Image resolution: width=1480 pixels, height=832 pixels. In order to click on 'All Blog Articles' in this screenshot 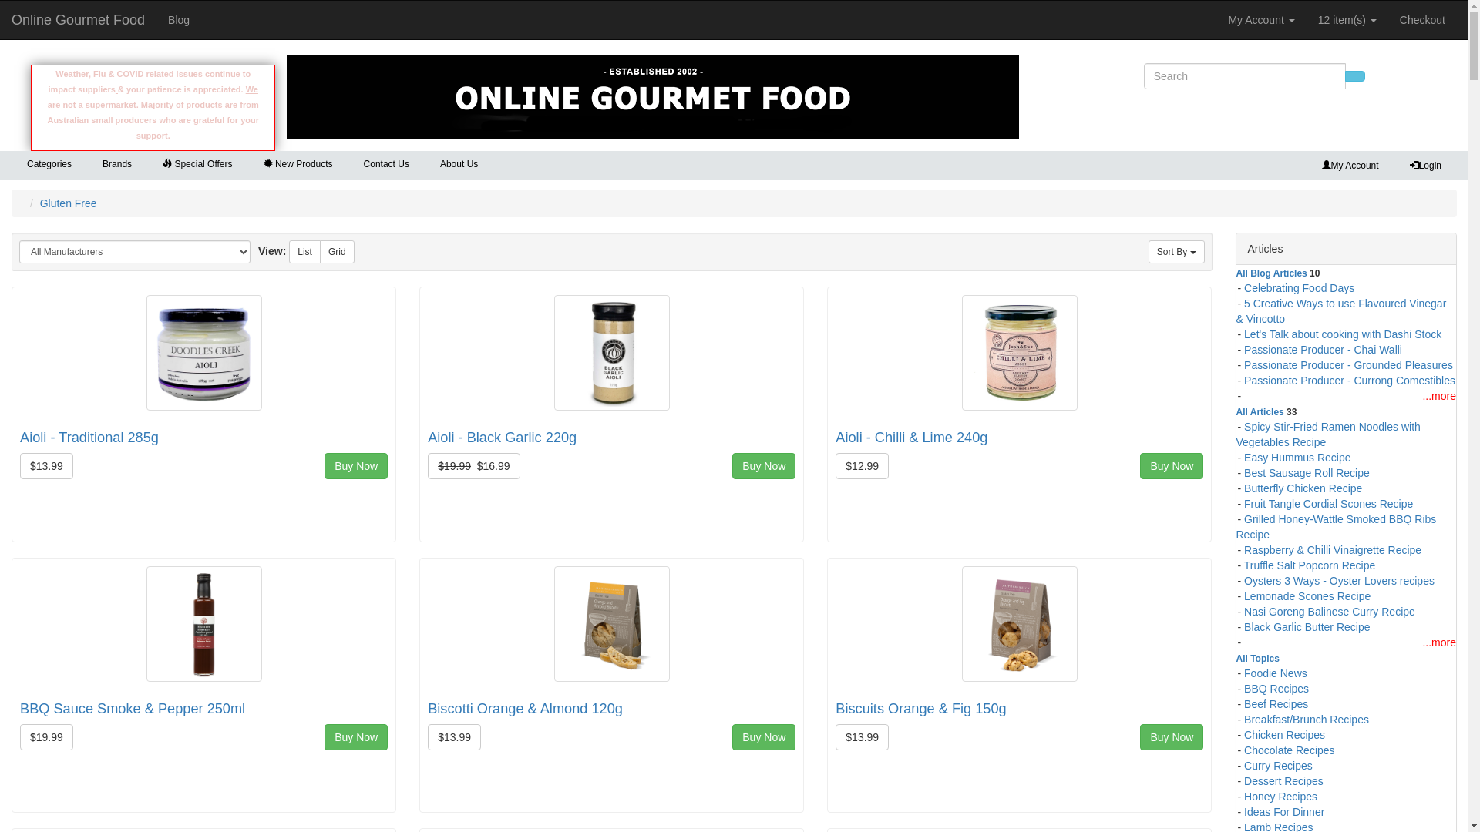, I will do `click(1272, 271)`.